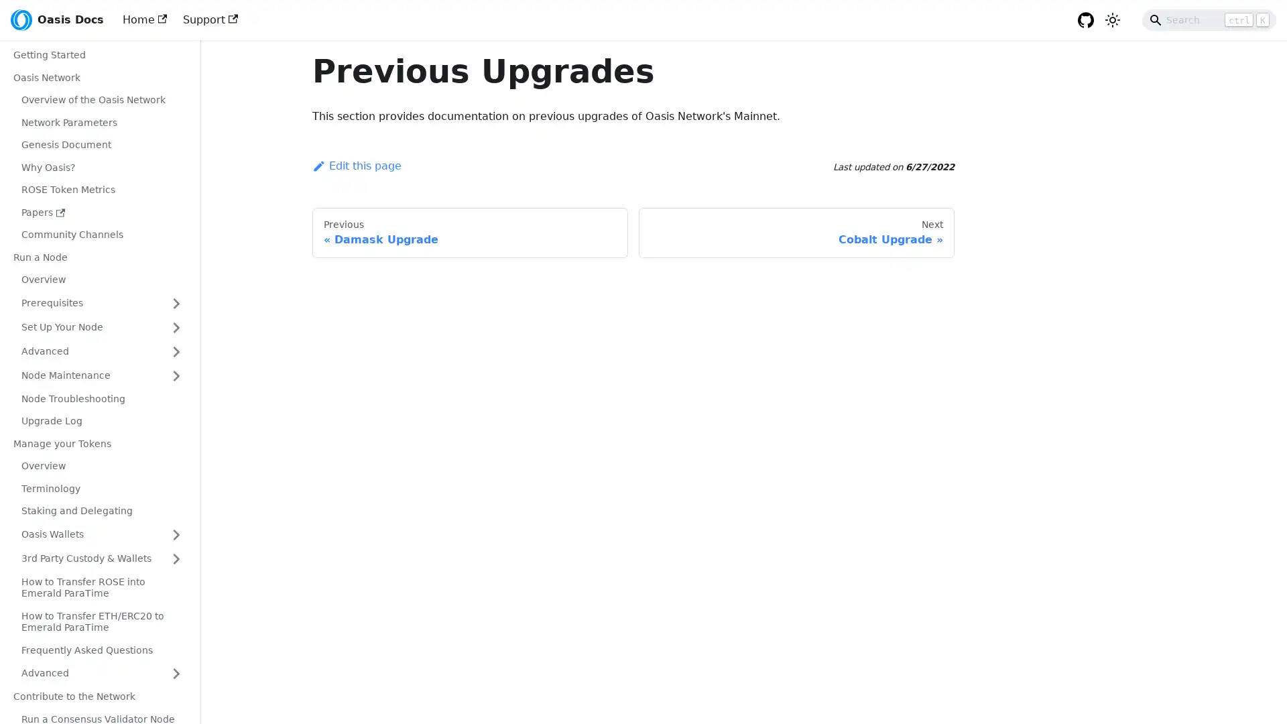  Describe the element at coordinates (176, 327) in the screenshot. I see `Toggle the collapsible sidebar category 'Set Up Your Node'` at that location.